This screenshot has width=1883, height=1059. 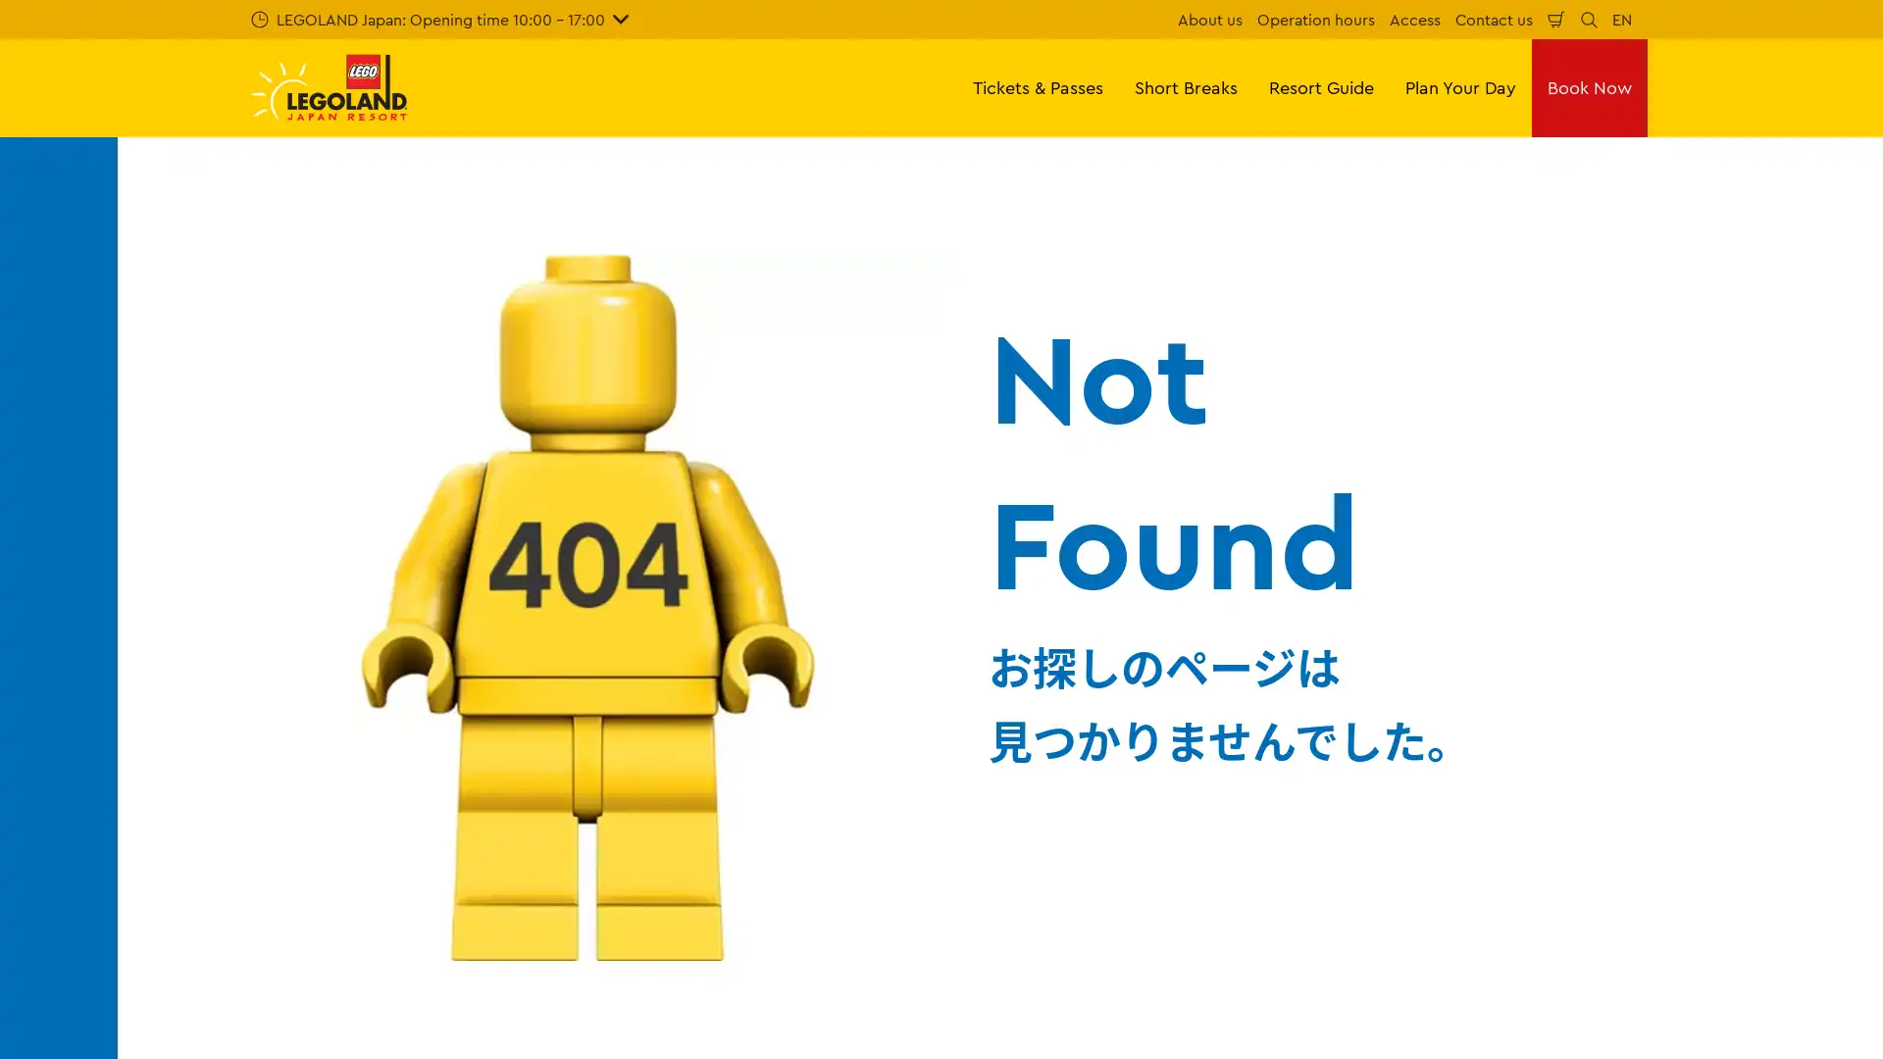 I want to click on Shopping Cart, so click(x=1555, y=19).